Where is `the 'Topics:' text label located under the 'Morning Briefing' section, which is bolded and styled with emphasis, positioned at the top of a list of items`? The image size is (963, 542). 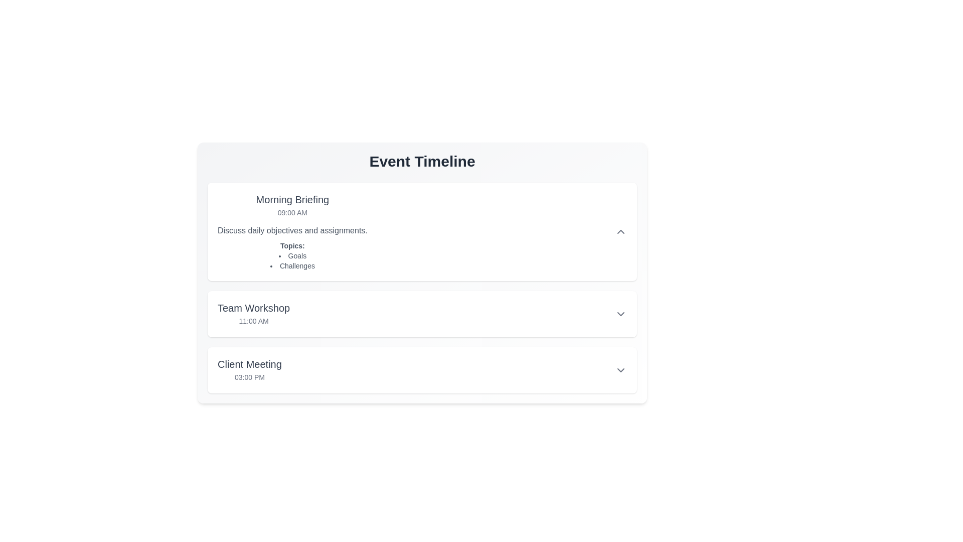 the 'Topics:' text label located under the 'Morning Briefing' section, which is bolded and styled with emphasis, positioned at the top of a list of items is located at coordinates (292, 245).